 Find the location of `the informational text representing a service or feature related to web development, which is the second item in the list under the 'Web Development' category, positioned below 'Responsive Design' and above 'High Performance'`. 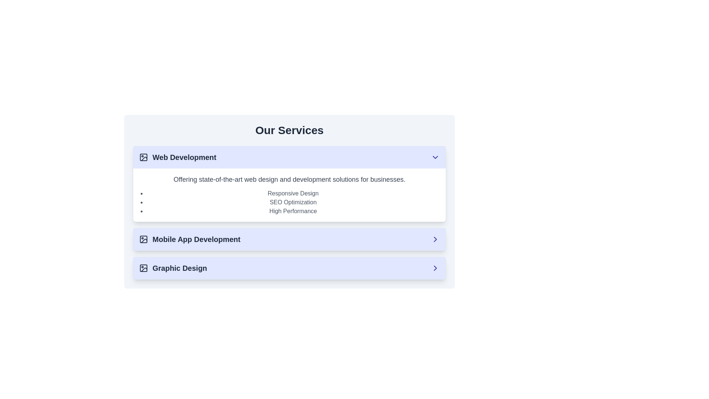

the informational text representing a service or feature related to web development, which is the second item in the list under the 'Web Development' category, positioned below 'Responsive Design' and above 'High Performance' is located at coordinates (292, 202).